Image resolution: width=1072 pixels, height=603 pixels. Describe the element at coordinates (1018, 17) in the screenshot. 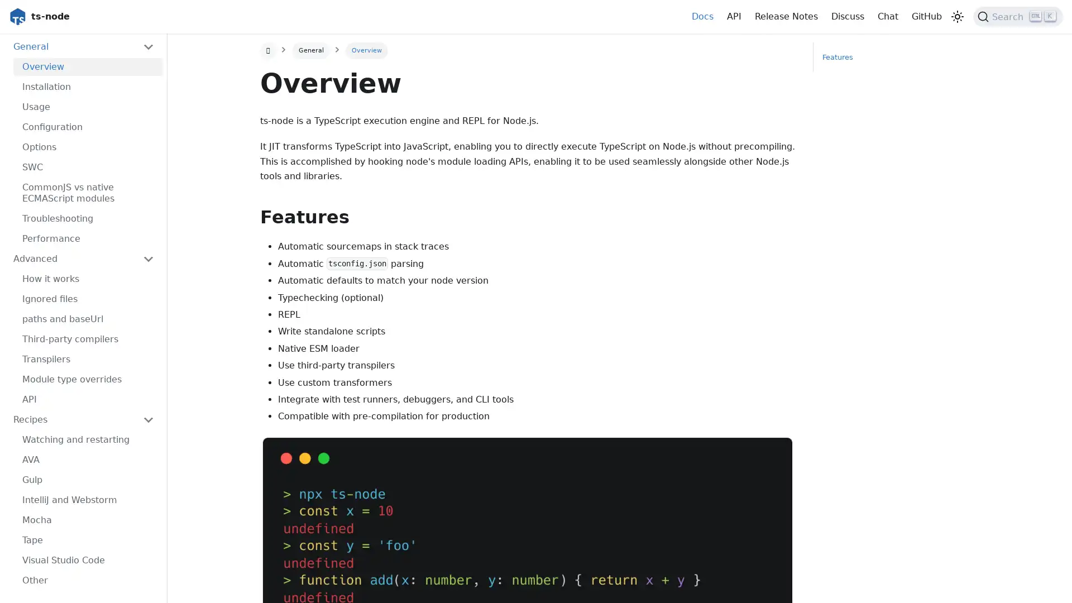

I see `Search` at that location.